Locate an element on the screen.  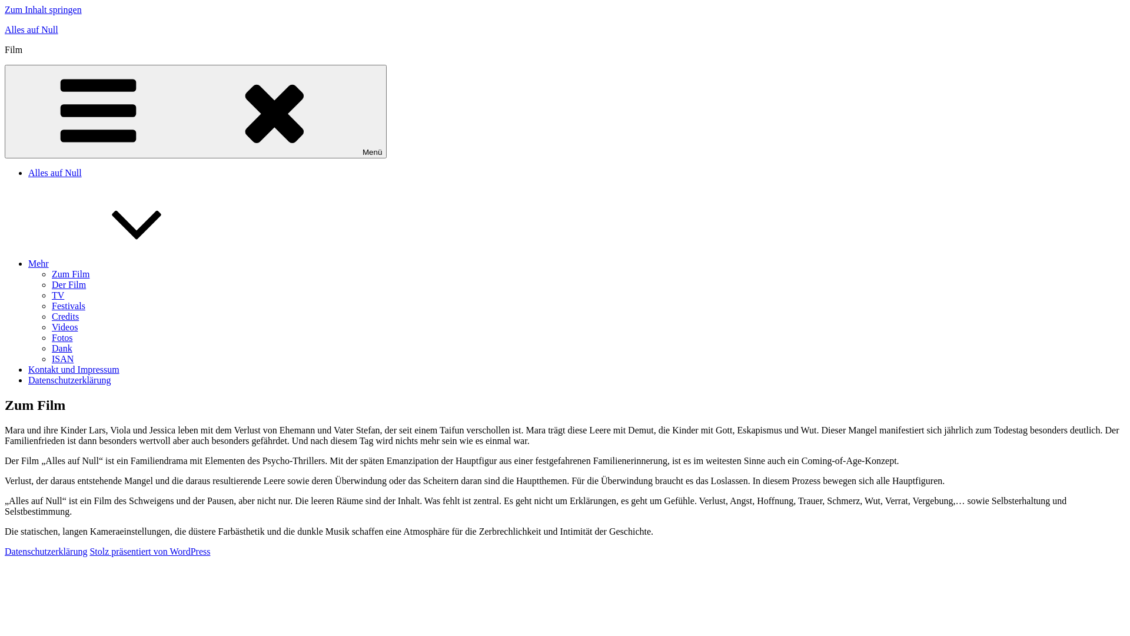
'Festivals' is located at coordinates (68, 305).